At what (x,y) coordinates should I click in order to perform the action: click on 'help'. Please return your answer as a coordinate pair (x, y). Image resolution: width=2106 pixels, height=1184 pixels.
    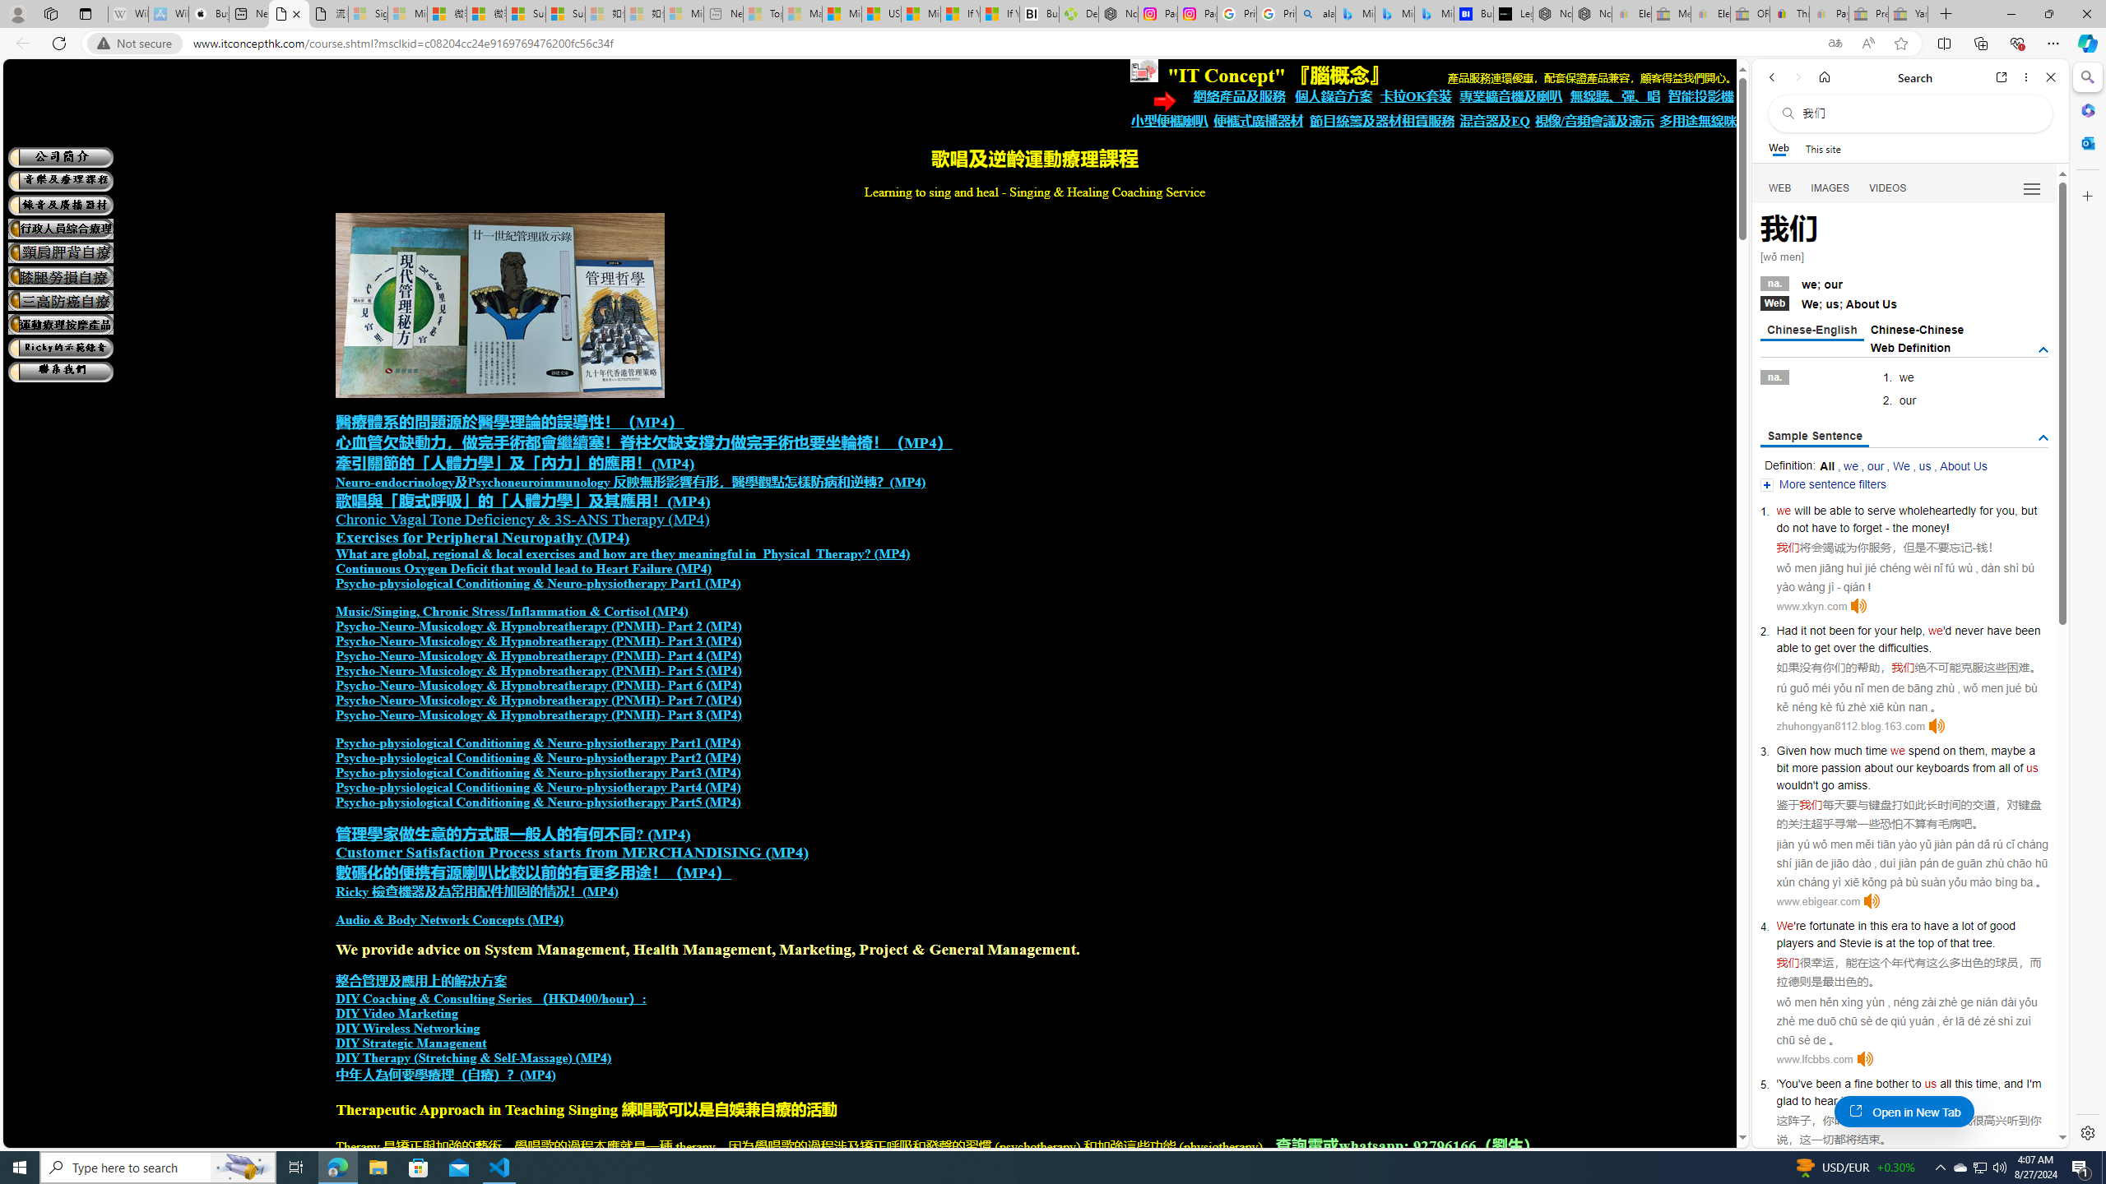
    Looking at the image, I should click on (1911, 629).